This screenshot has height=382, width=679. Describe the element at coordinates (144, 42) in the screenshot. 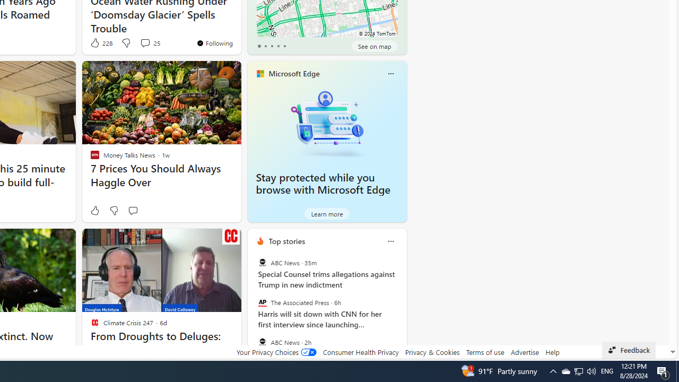

I see `'View comments 25 Comment'` at that location.